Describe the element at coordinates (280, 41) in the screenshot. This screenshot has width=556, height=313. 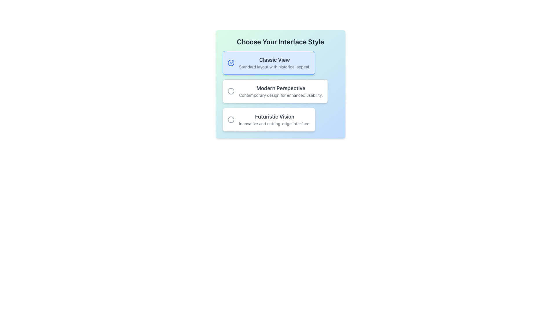
I see `the header element displaying 'Choose Your Interface Style', which is prominently styled in a large, bold font within a gradient background` at that location.